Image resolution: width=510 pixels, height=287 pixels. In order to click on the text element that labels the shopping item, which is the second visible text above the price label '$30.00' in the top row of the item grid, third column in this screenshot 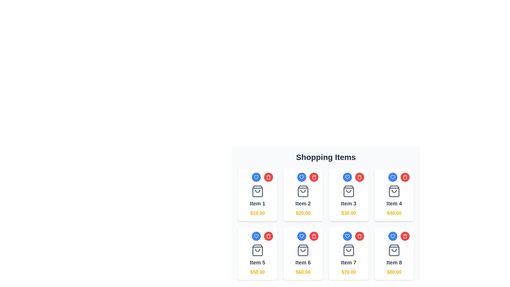, I will do `click(348, 203)`.